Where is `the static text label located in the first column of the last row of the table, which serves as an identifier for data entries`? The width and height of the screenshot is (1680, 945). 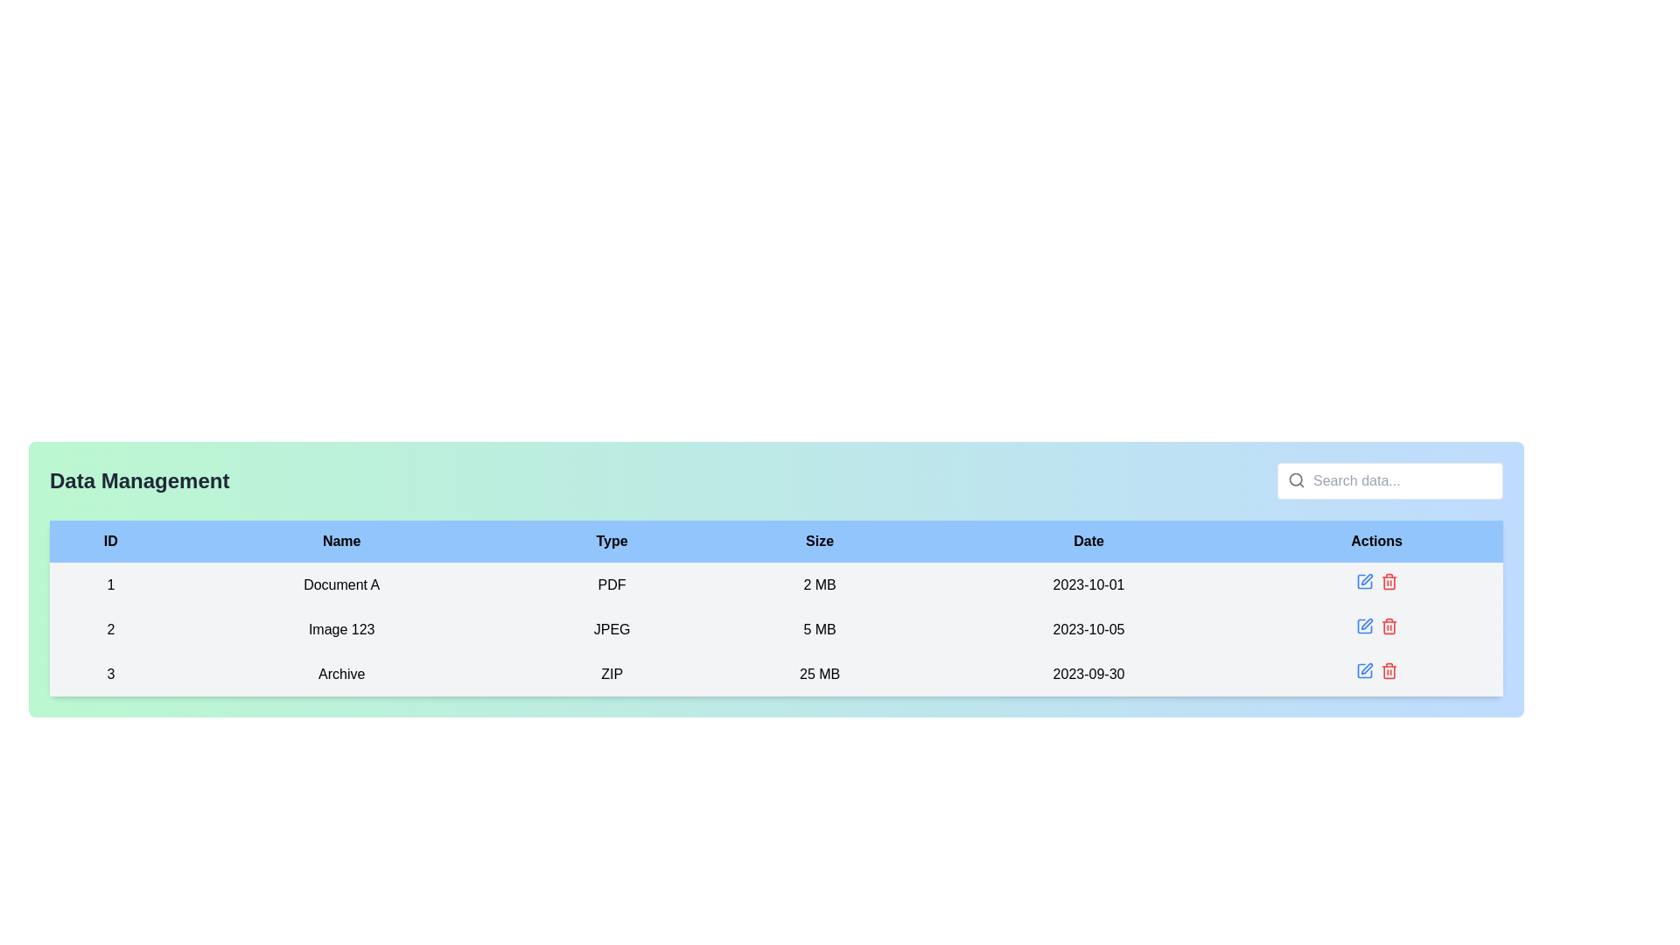
the static text label located in the first column of the last row of the table, which serves as an identifier for data entries is located at coordinates (109, 673).